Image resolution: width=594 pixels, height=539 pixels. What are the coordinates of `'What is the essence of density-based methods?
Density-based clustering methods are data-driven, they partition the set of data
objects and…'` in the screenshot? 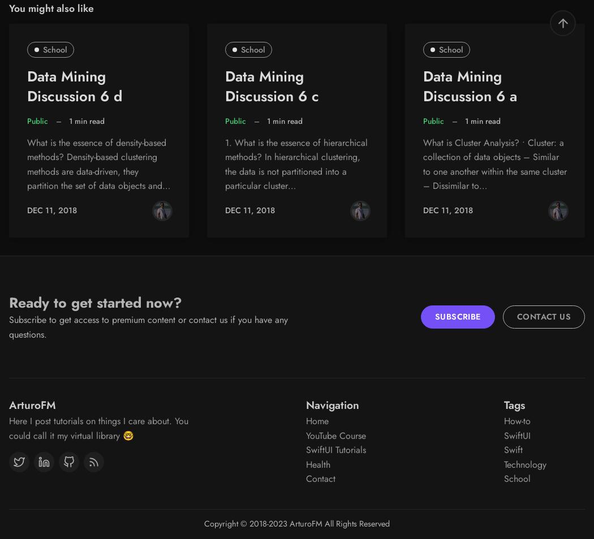 It's located at (98, 163).